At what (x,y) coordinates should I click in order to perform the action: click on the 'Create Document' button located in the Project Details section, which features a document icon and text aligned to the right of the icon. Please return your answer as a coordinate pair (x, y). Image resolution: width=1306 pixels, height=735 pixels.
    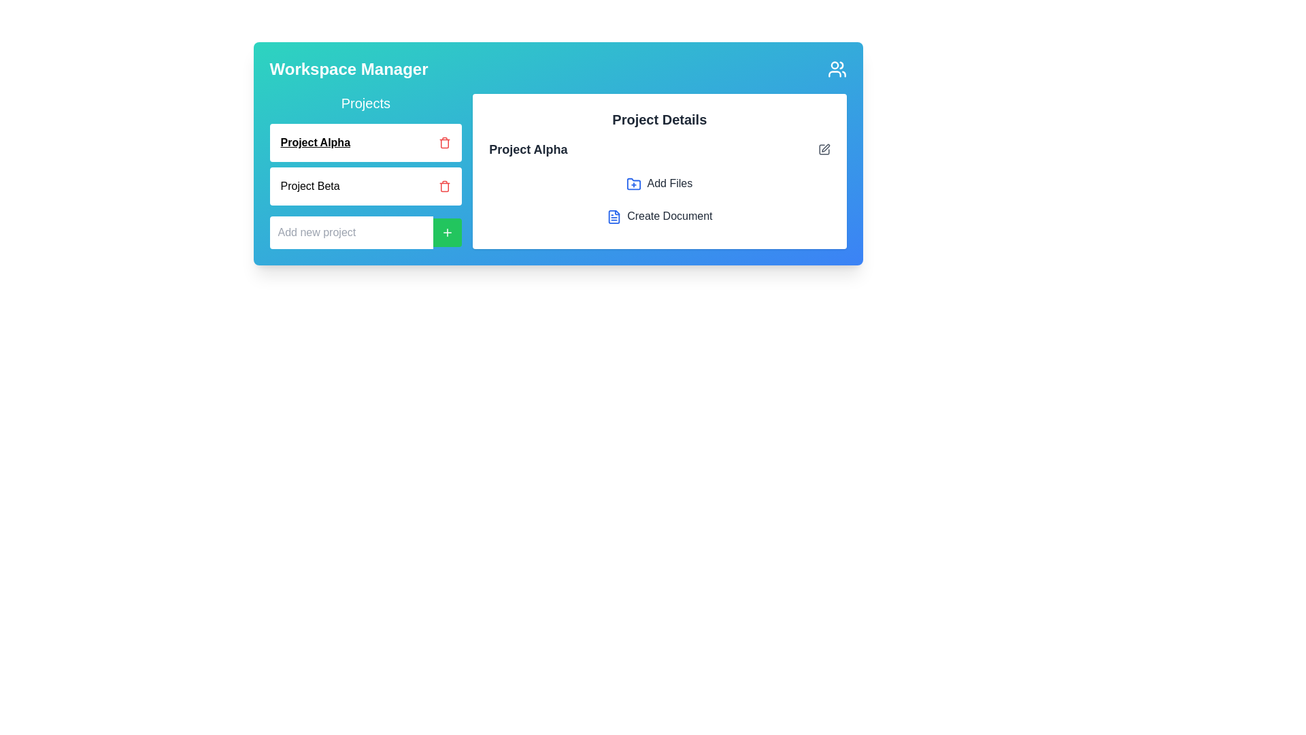
    Looking at the image, I should click on (659, 215).